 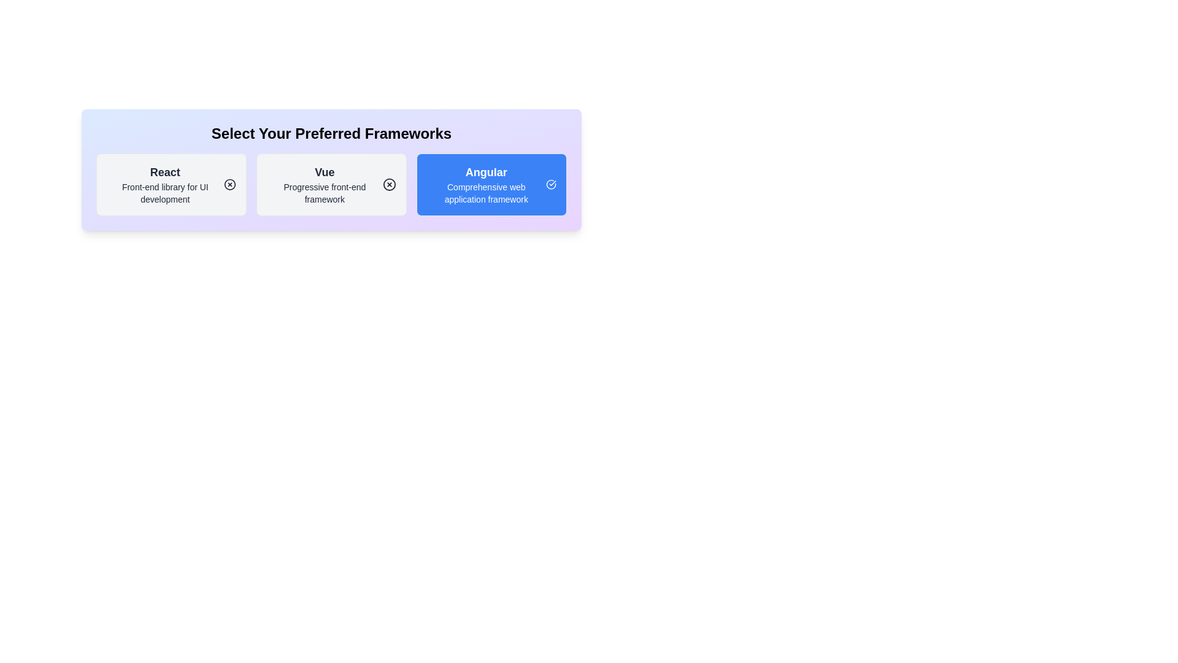 I want to click on the icon within the chip labeled 'Vue' to toggle its selection state, so click(x=388, y=184).